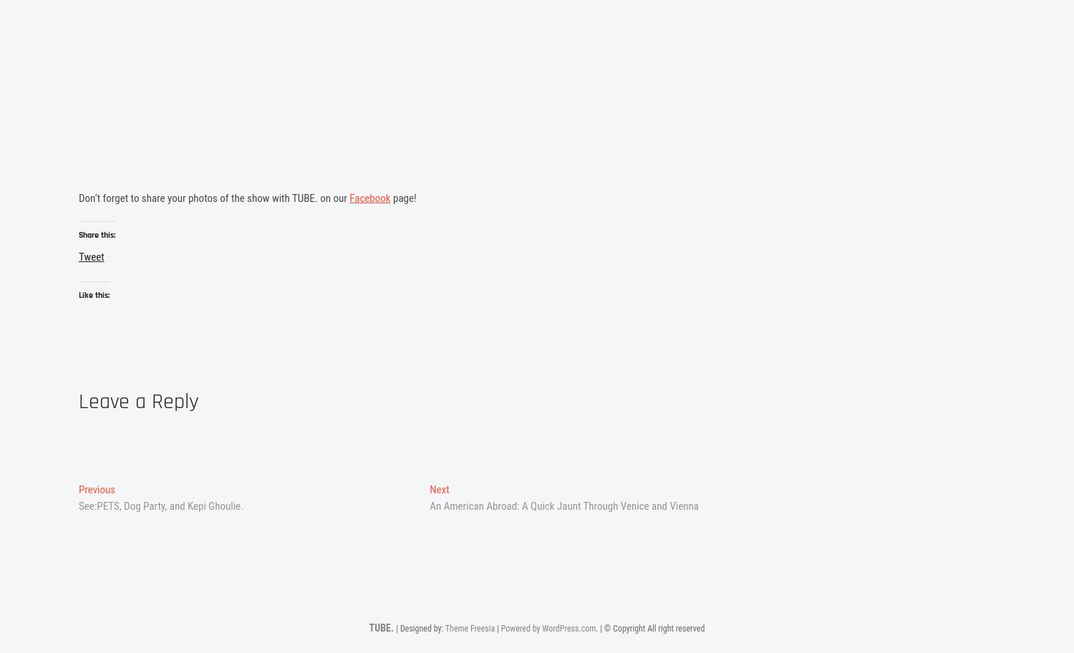 The image size is (1074, 653). Describe the element at coordinates (429, 492) in the screenshot. I see `'Next'` at that location.